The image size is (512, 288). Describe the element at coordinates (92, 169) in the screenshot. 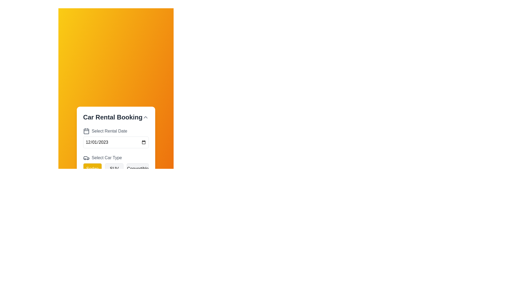

I see `the 'Sedan' button, which is a yellow rectangular button with rounded corners and white text` at that location.